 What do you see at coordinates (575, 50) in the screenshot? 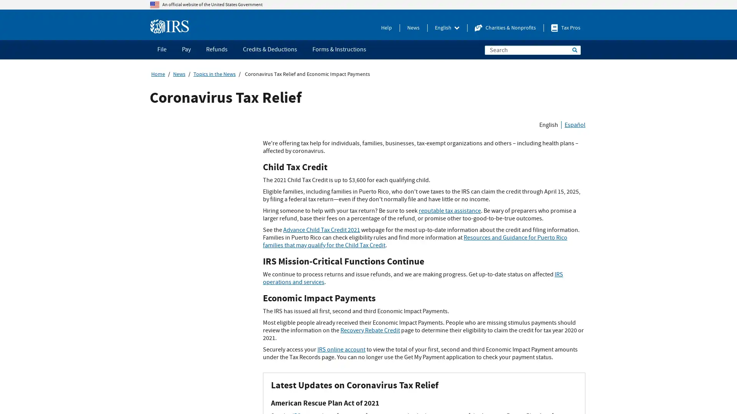
I see `Search` at bounding box center [575, 50].